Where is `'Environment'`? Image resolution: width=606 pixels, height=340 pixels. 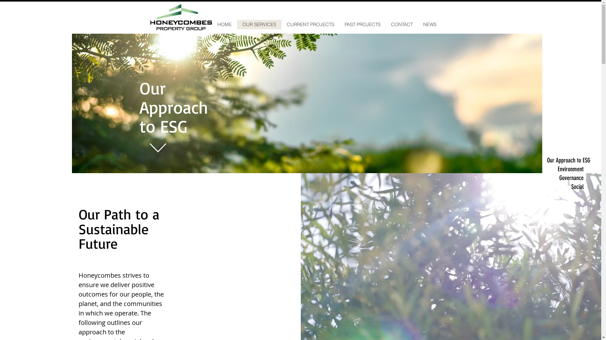 'Environment' is located at coordinates (565, 168).